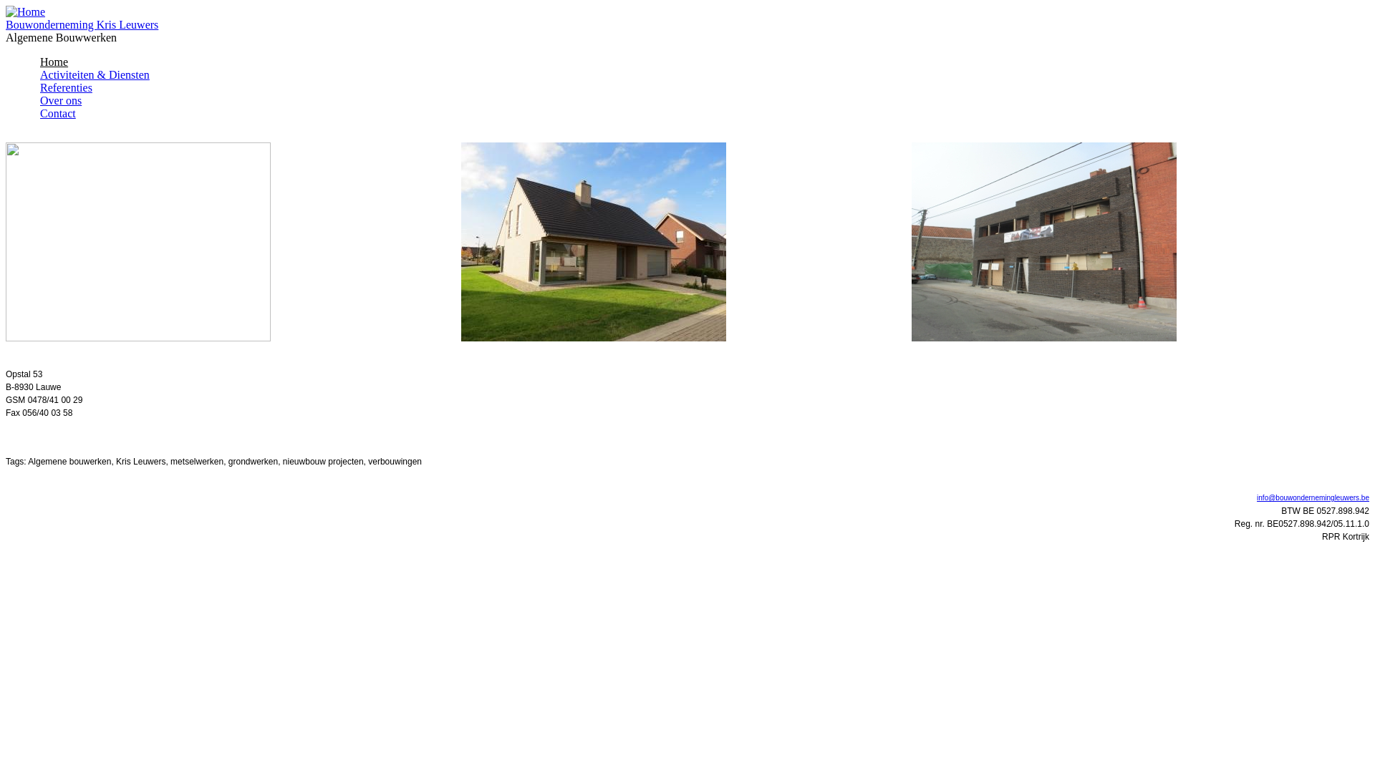 The image size is (1375, 773). Describe the element at coordinates (25, 11) in the screenshot. I see `'Home'` at that location.